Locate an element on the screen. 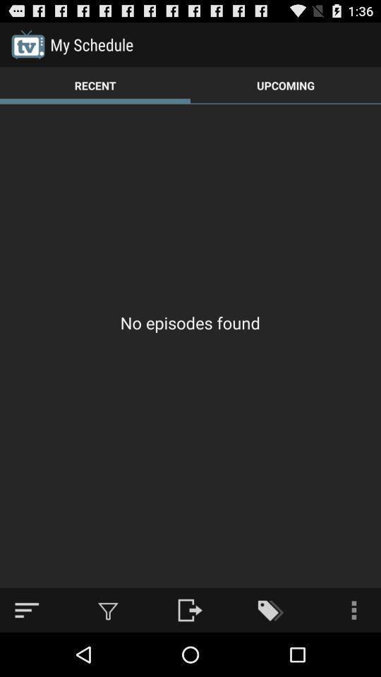 Image resolution: width=381 pixels, height=677 pixels. the app above no episodes found is located at coordinates (286, 85).